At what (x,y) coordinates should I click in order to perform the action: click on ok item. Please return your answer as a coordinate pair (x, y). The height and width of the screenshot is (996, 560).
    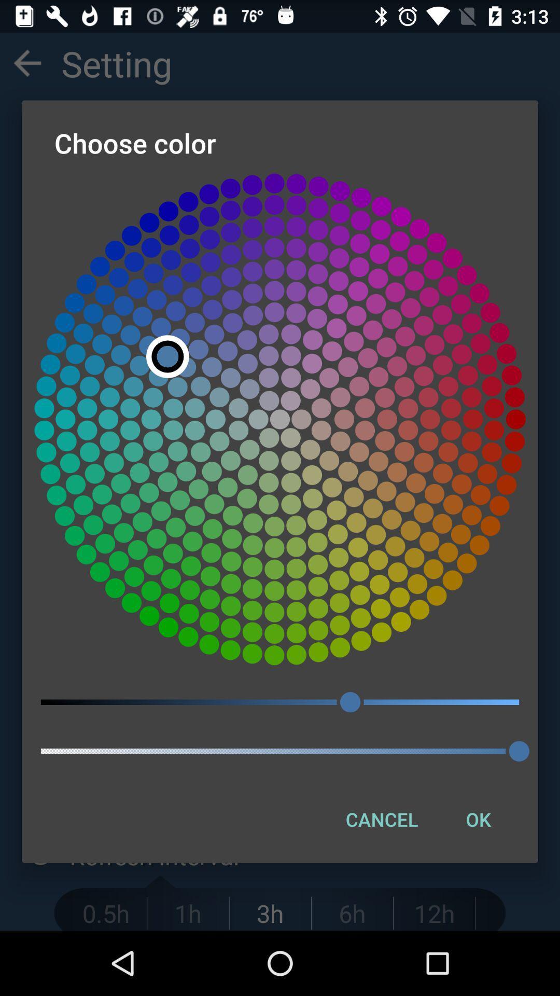
    Looking at the image, I should click on (478, 819).